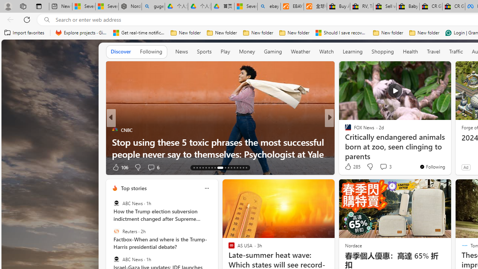 This screenshot has width=478, height=269. What do you see at coordinates (344, 129) in the screenshot?
I see `'Storyful'` at bounding box center [344, 129].